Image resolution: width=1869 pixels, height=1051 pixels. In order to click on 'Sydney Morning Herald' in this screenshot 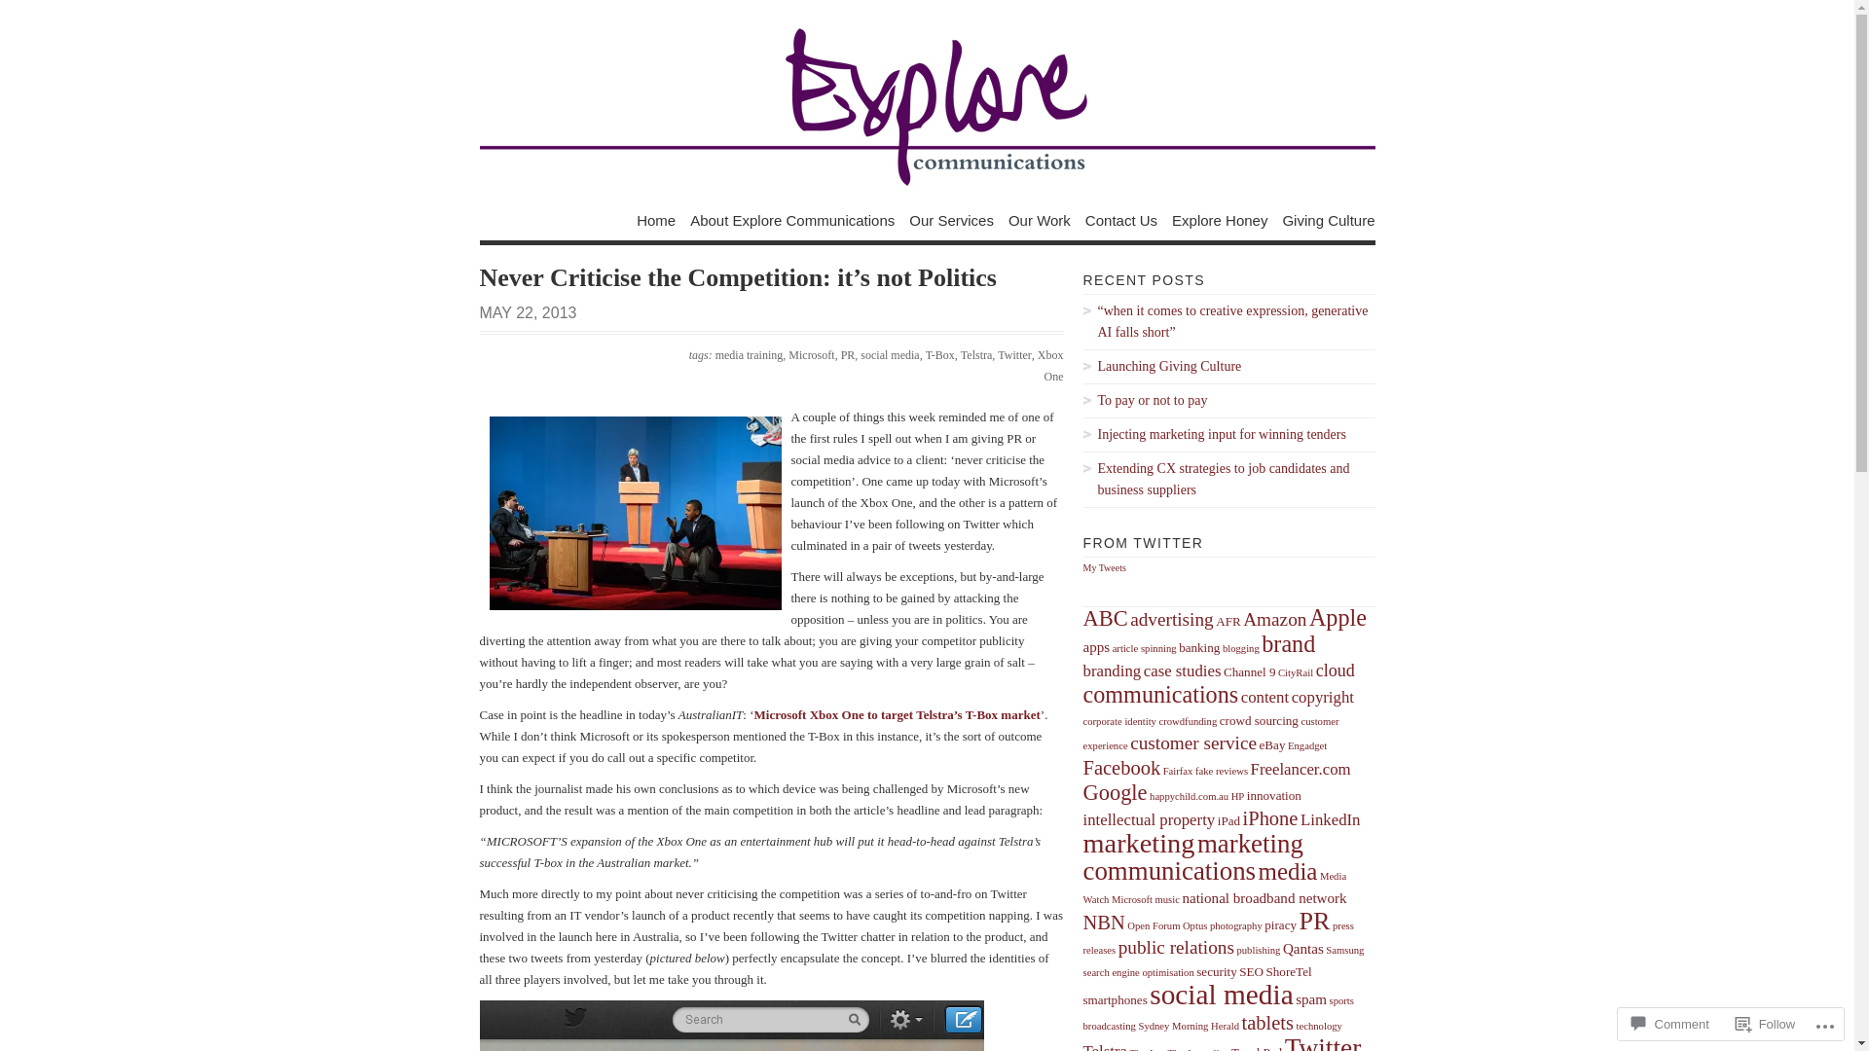, I will do `click(1138, 1025)`.